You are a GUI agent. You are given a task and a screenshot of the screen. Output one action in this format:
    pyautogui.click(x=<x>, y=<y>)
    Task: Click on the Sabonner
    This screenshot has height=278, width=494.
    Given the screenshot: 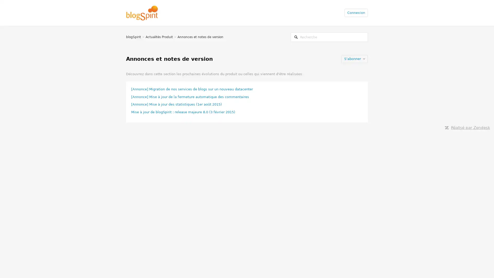 What is the action you would take?
    pyautogui.click(x=354, y=58)
    